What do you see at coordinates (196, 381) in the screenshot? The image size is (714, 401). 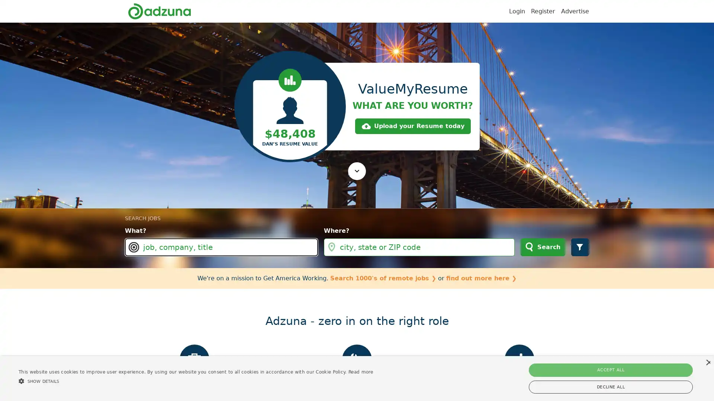 I see `SHOW DETAILS` at bounding box center [196, 381].